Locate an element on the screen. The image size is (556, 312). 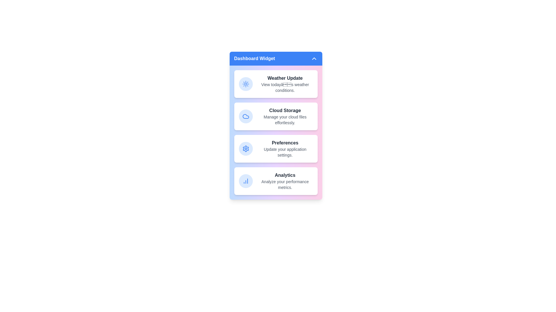
the 'Cloud Storage' item to select and interact with it is located at coordinates (275, 116).